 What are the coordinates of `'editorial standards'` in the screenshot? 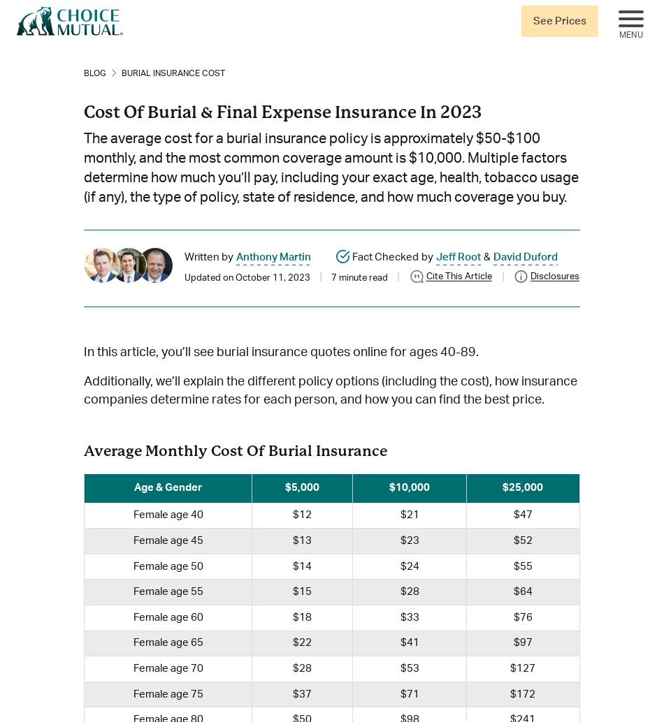 It's located at (344, 364).